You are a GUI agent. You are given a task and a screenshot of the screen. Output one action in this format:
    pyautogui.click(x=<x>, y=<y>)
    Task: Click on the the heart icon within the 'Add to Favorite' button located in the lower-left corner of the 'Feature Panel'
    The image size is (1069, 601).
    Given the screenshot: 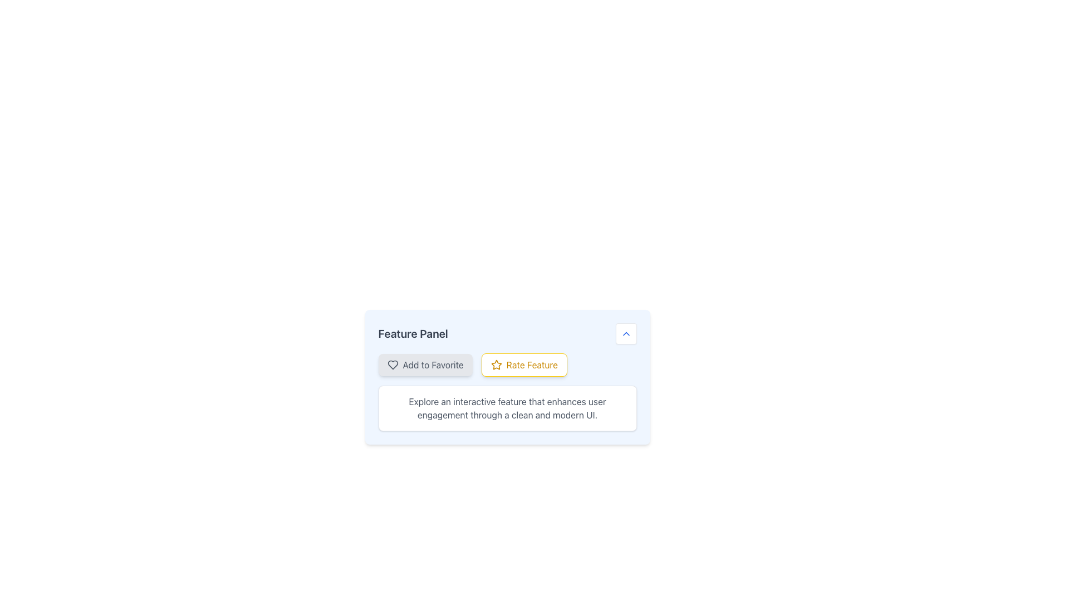 What is the action you would take?
    pyautogui.click(x=393, y=364)
    